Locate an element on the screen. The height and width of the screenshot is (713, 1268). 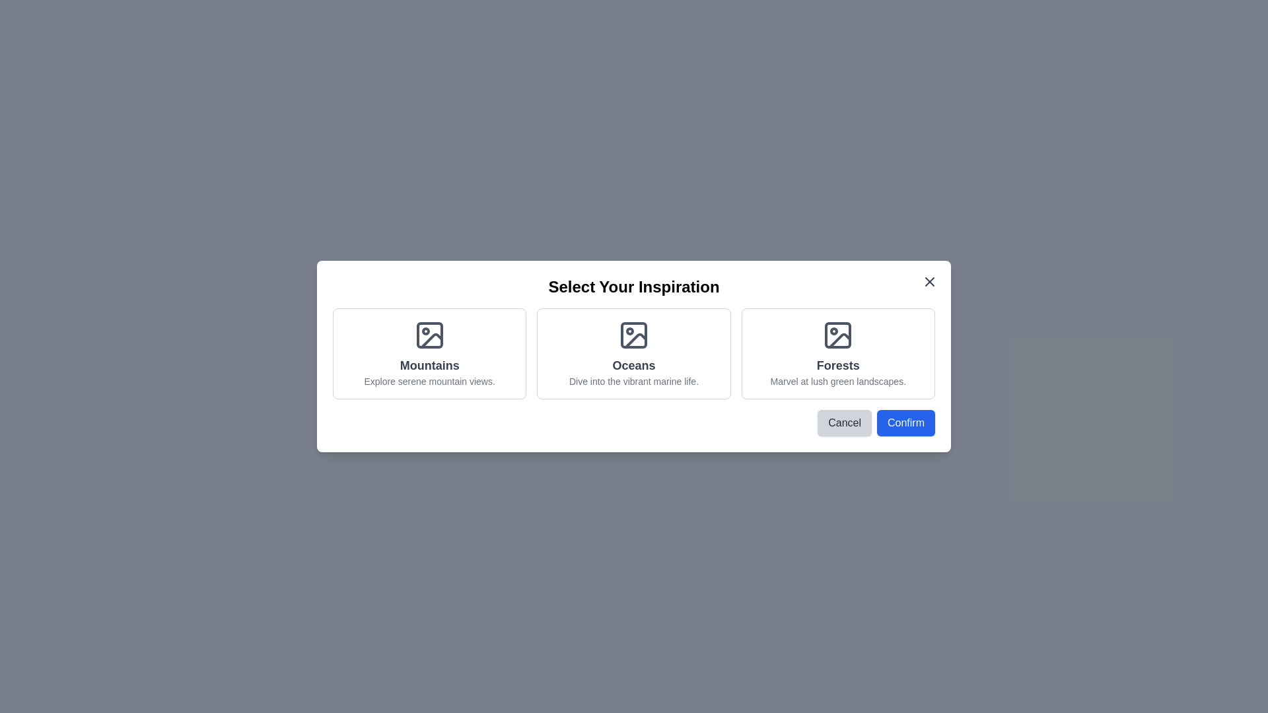
the decorative square element with rounded corners that is part of the 'Mountains' icon in the 'Select Your Inspiration' dialog is located at coordinates (429, 335).